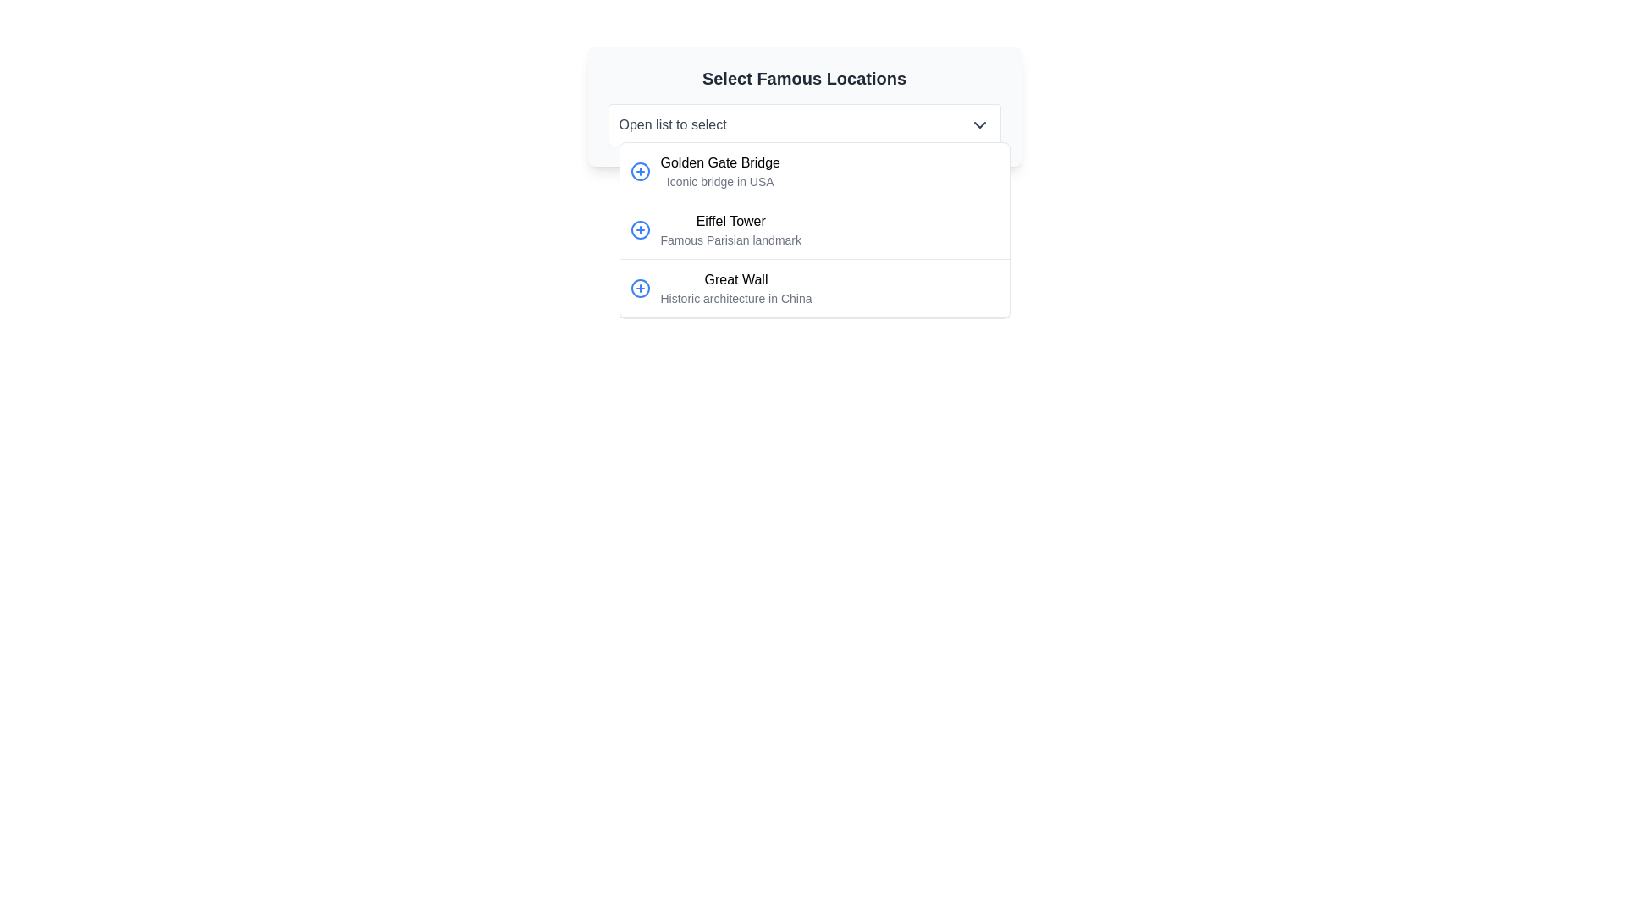  I want to click on the circular icon button with a blue outline and a plus sign that is located to the left of the text 'Eiffel Tower' in the list, so click(639, 230).